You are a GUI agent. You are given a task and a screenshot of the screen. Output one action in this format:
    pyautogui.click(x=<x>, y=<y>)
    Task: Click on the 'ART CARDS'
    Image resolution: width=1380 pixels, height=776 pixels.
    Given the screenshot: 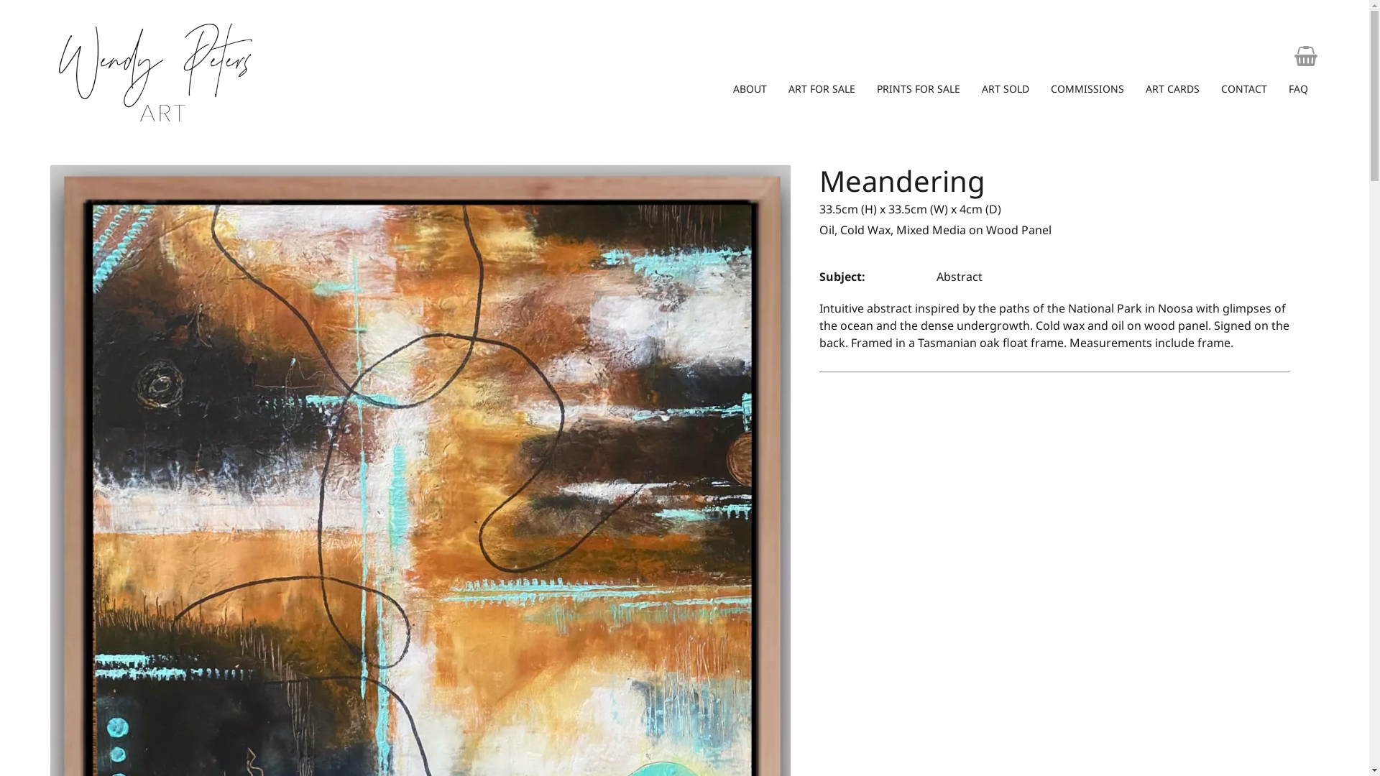 What is the action you would take?
    pyautogui.click(x=1172, y=88)
    